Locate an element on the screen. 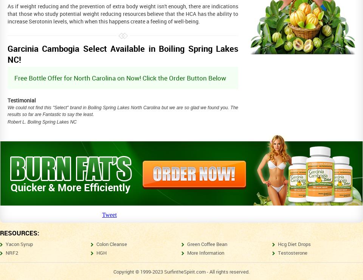 Image resolution: width=363 pixels, height=280 pixels. 'Testimonial' is located at coordinates (21, 100).